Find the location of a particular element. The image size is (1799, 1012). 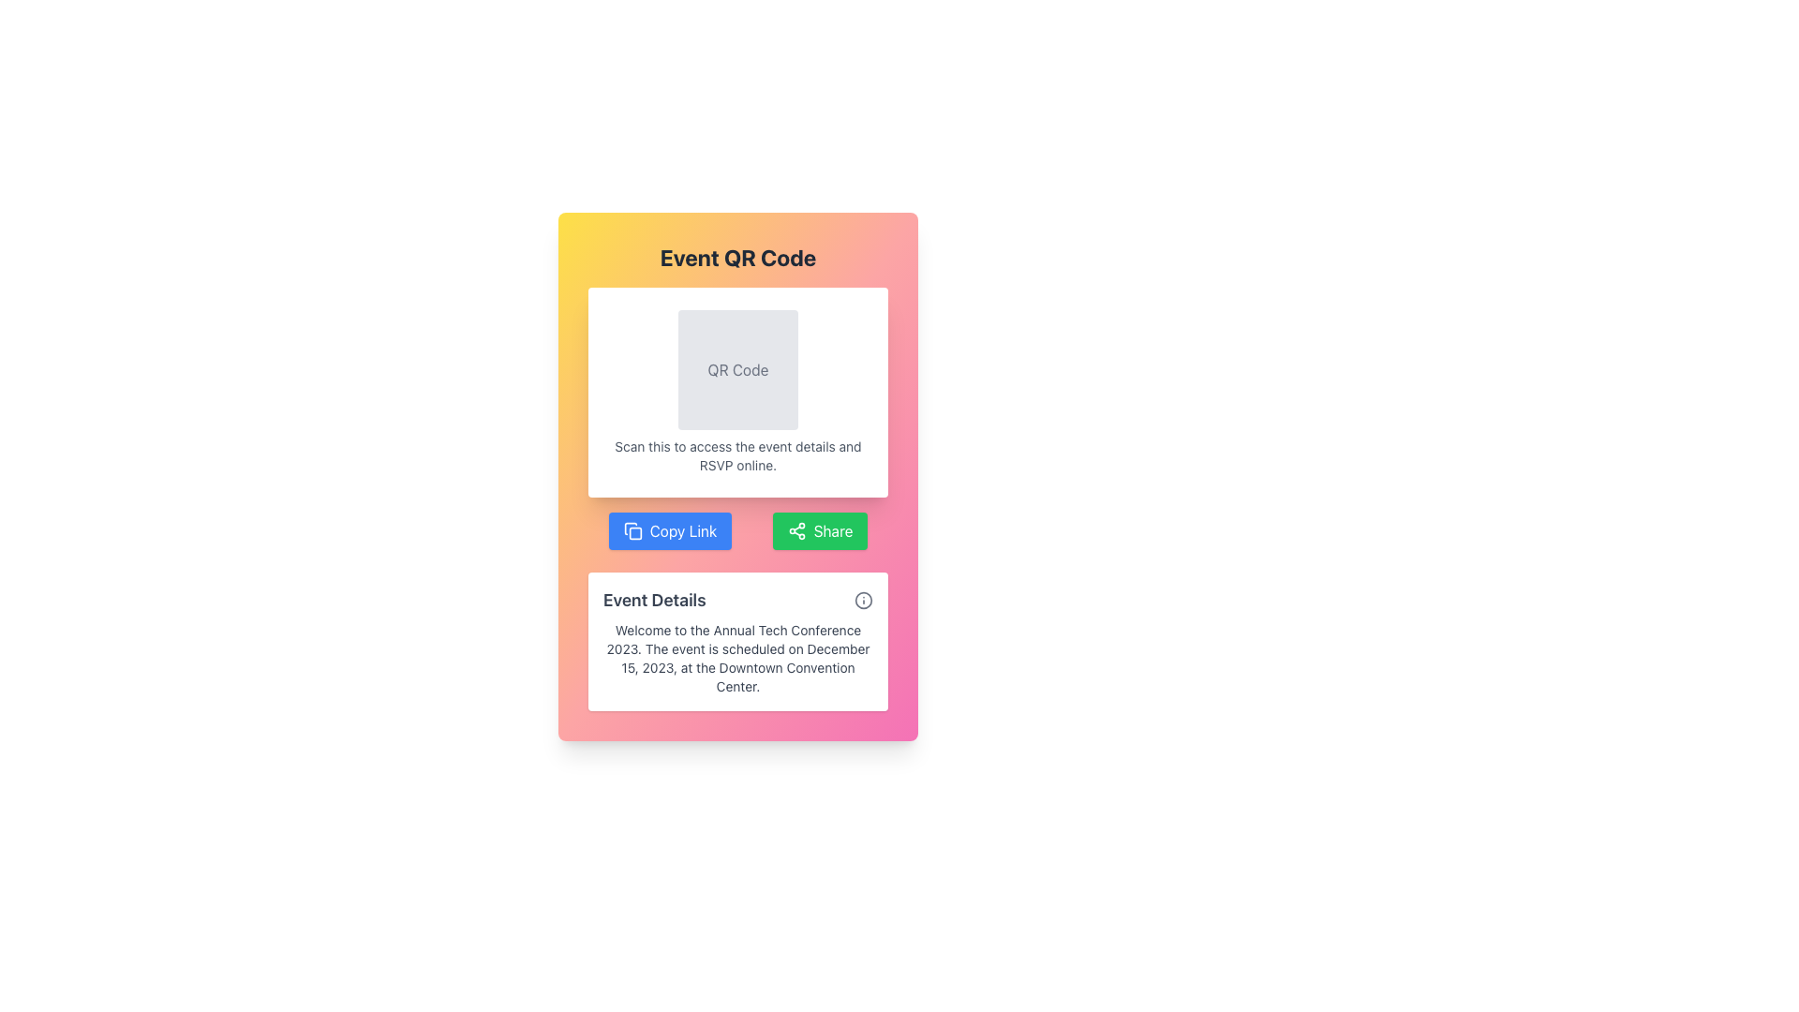

the button located to the left of the green 'Share' button to copy the link to the clipboard is located at coordinates (670, 531).